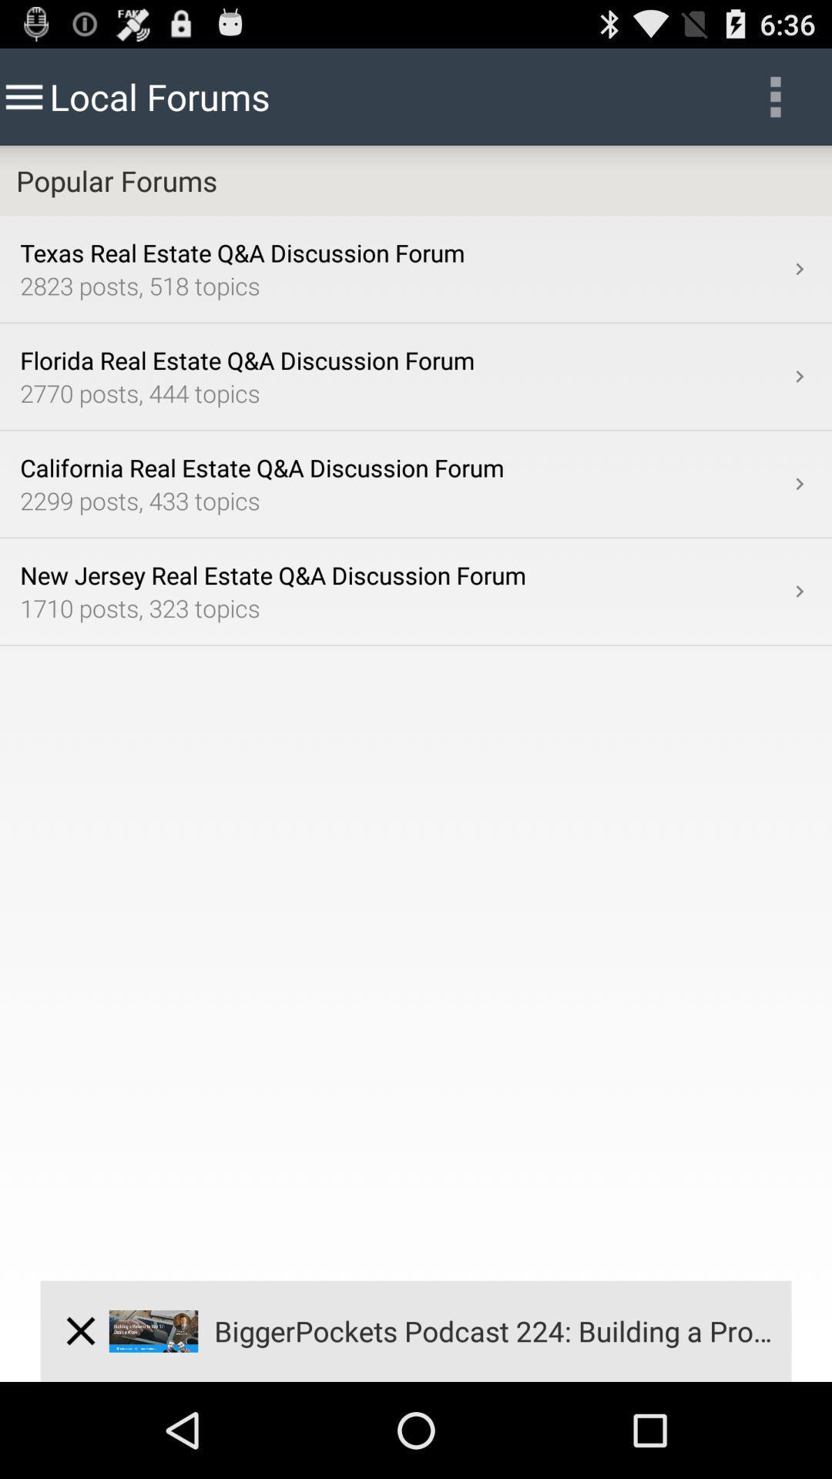 The height and width of the screenshot is (1479, 832). Describe the element at coordinates (403, 285) in the screenshot. I see `icon below the texas real estate app` at that location.